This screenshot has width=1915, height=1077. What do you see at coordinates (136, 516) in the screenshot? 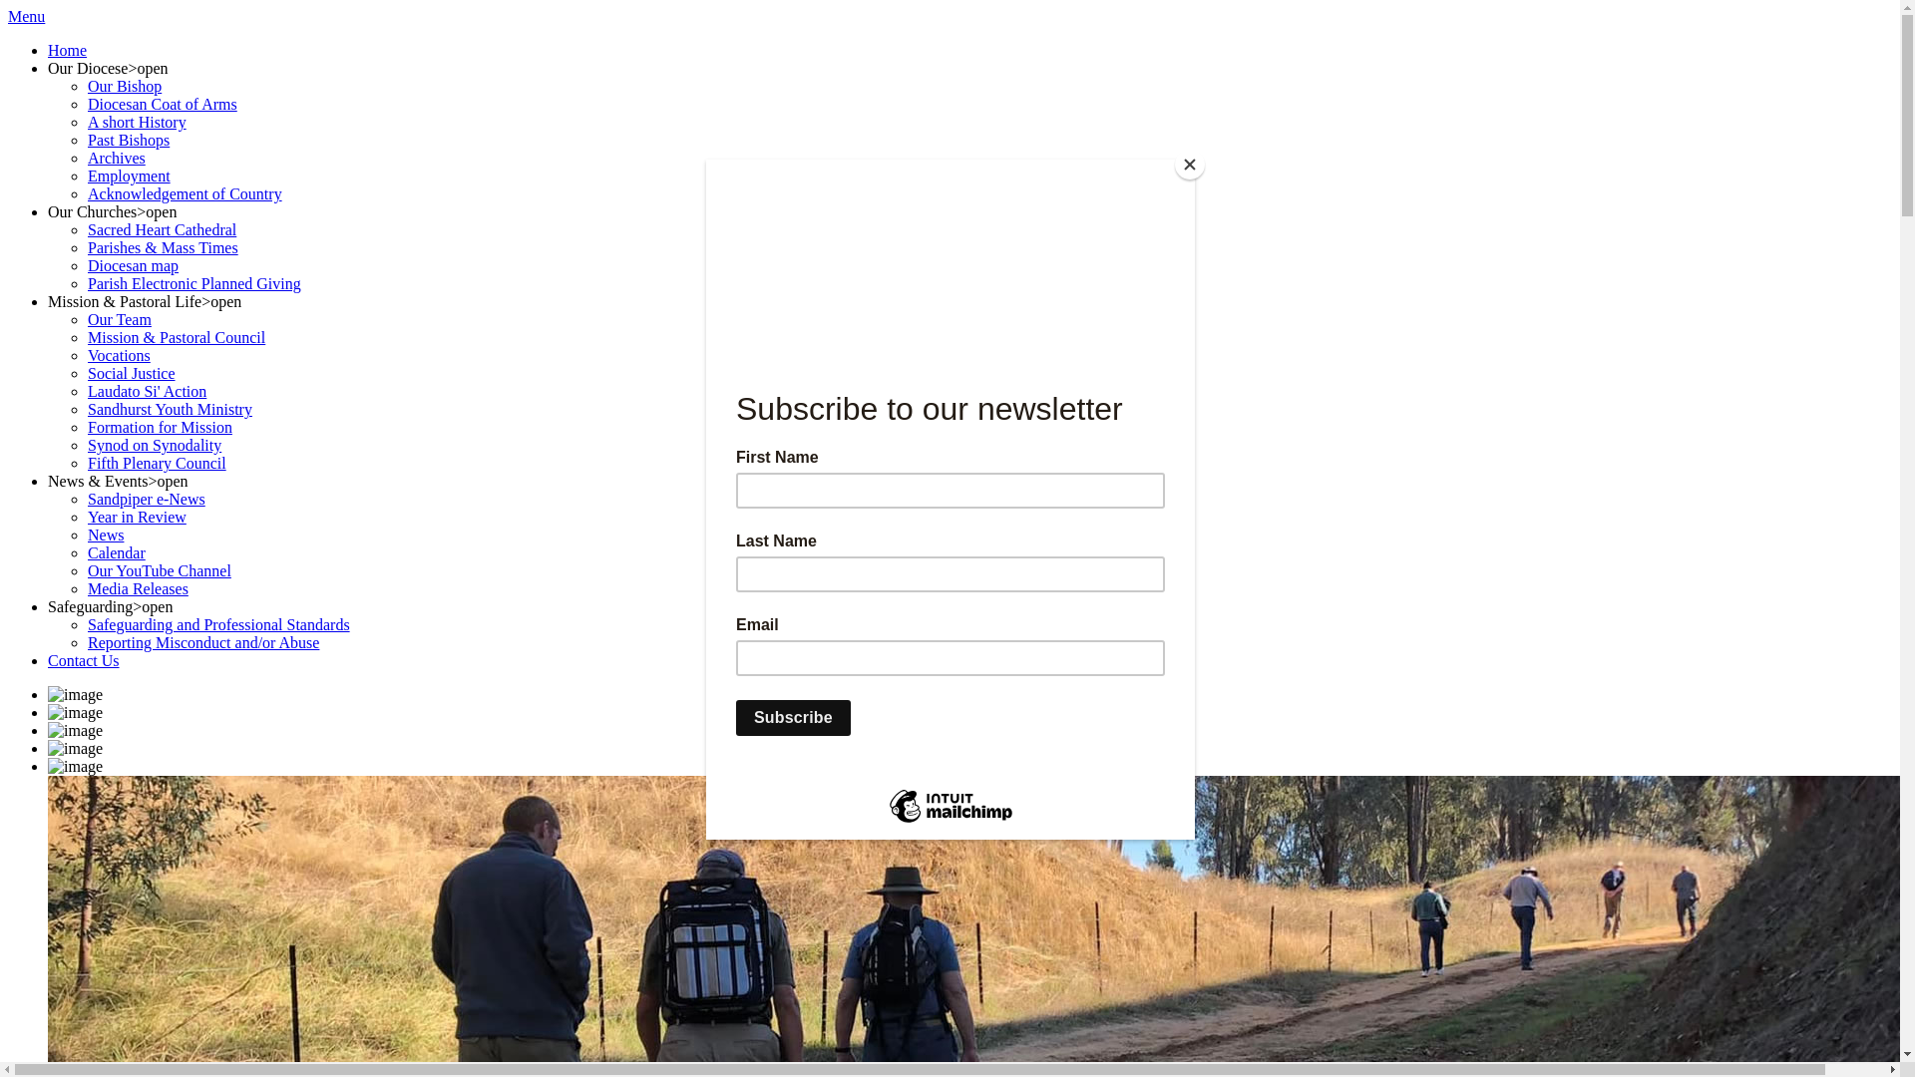
I see `'Year in Review'` at bounding box center [136, 516].